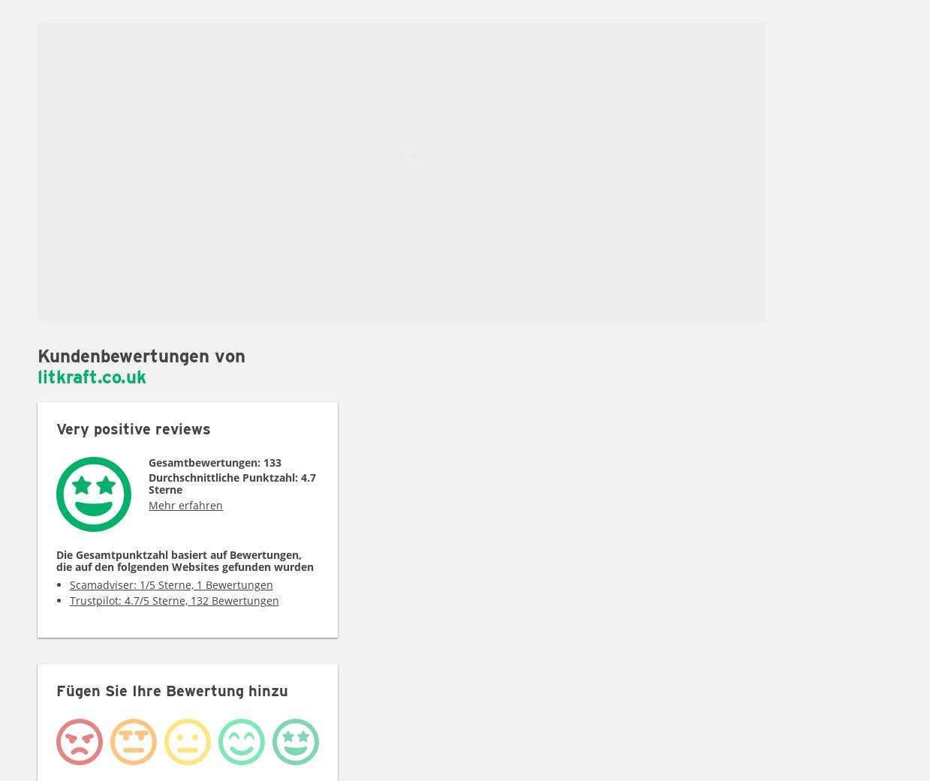 This screenshot has width=930, height=781. I want to click on 'Durchschnittliche Punktzahl: 4.7 Sterne', so click(232, 482).